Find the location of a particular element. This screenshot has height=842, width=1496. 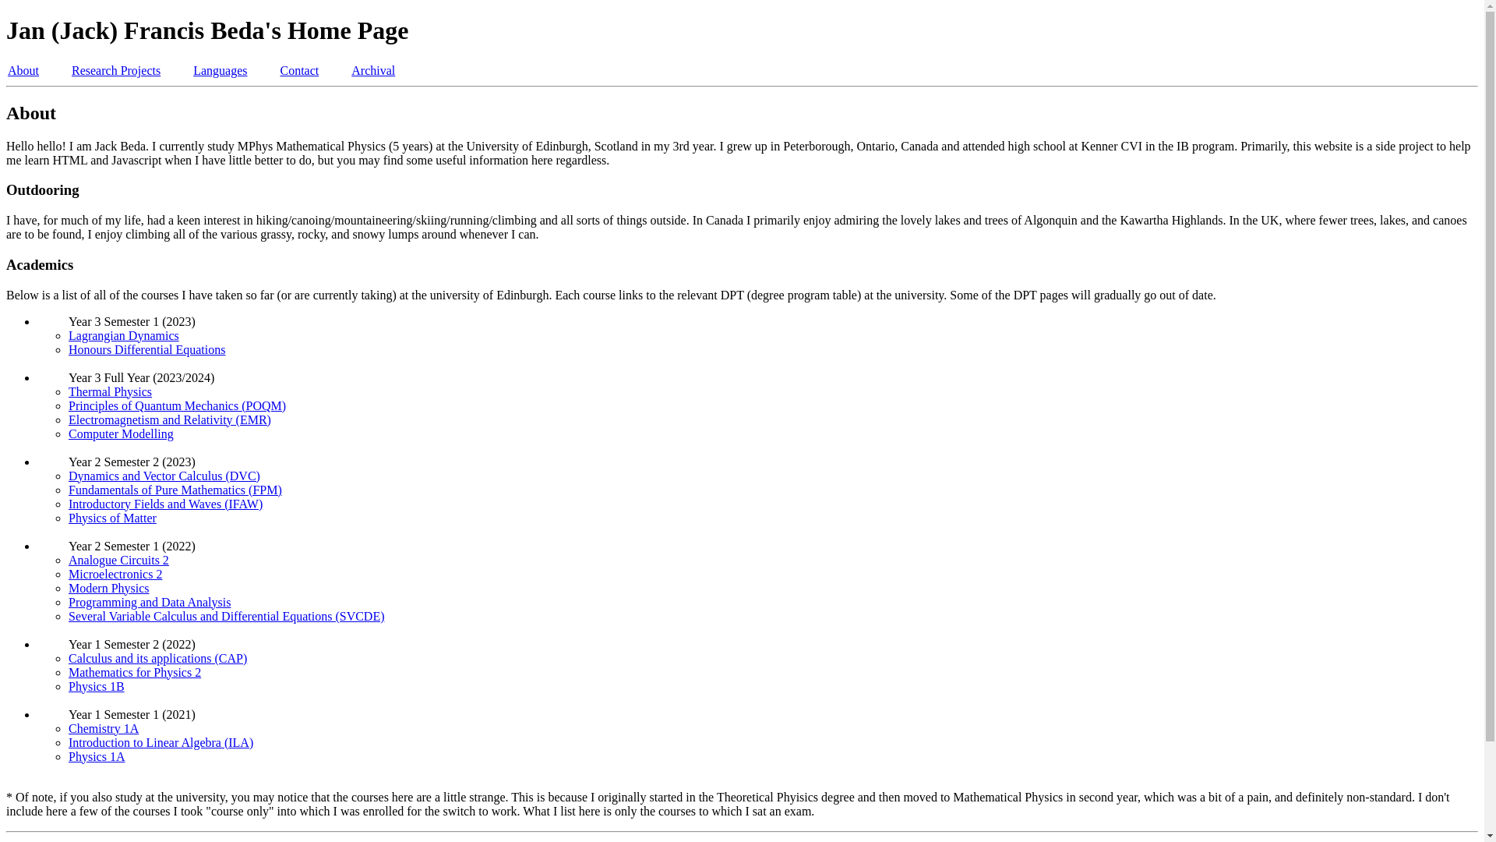

'Electromagnetism and Relativity (EMR)' is located at coordinates (169, 419).